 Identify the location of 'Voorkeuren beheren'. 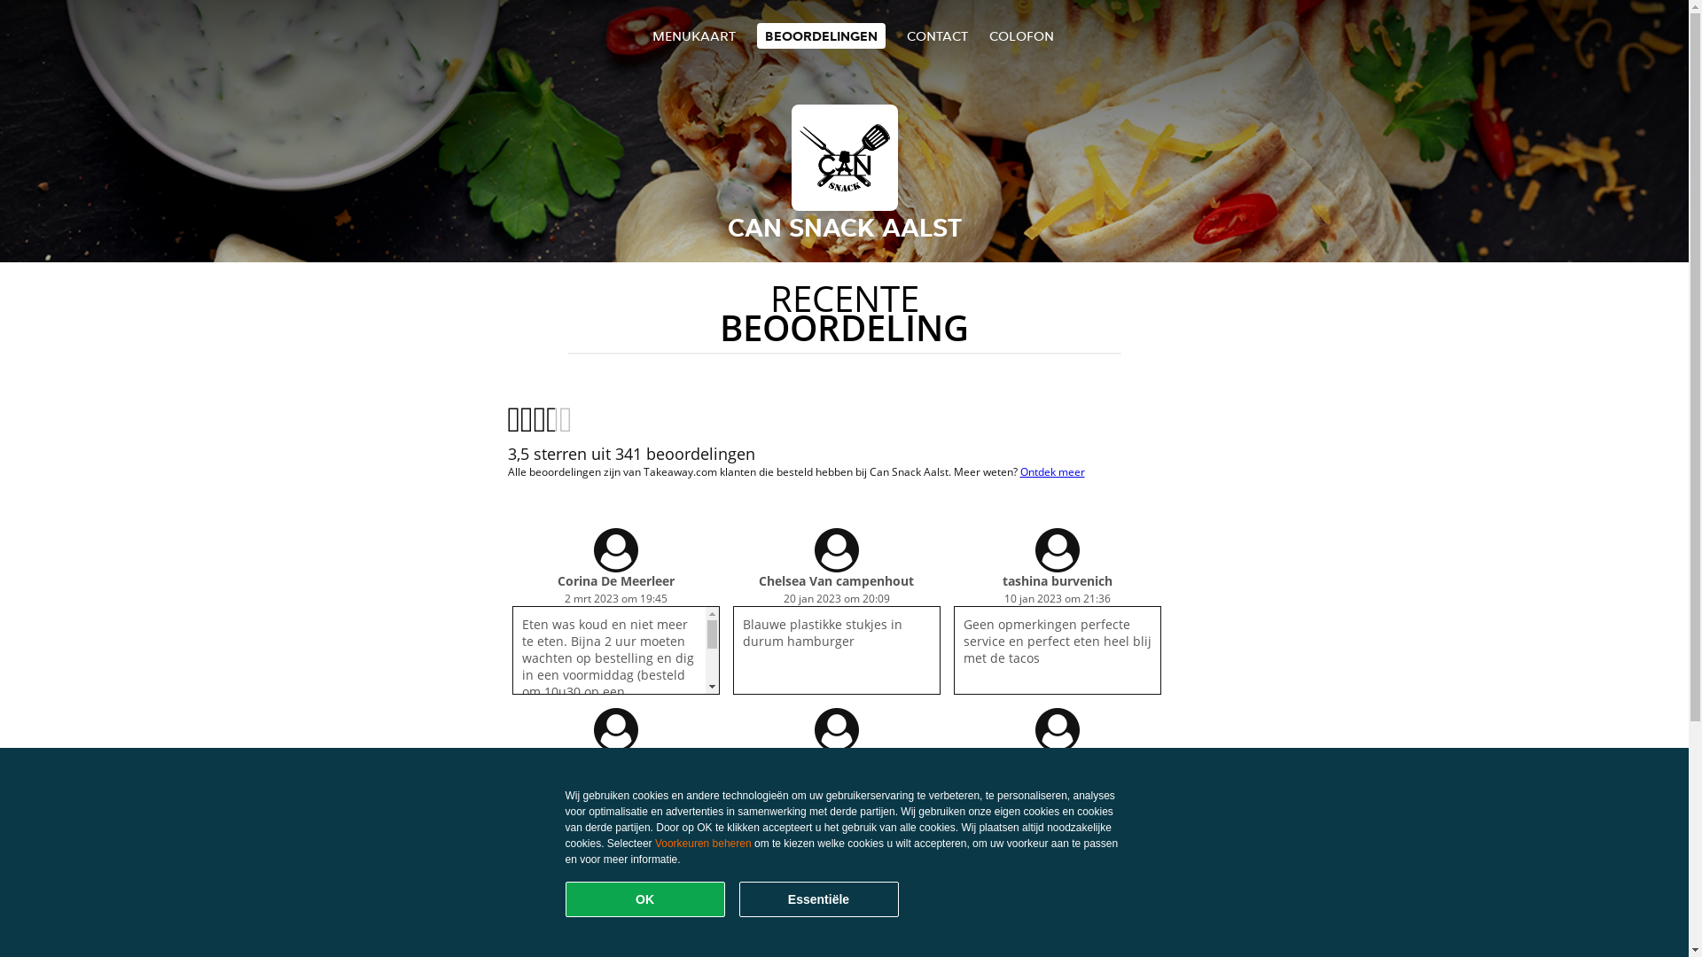
(702, 843).